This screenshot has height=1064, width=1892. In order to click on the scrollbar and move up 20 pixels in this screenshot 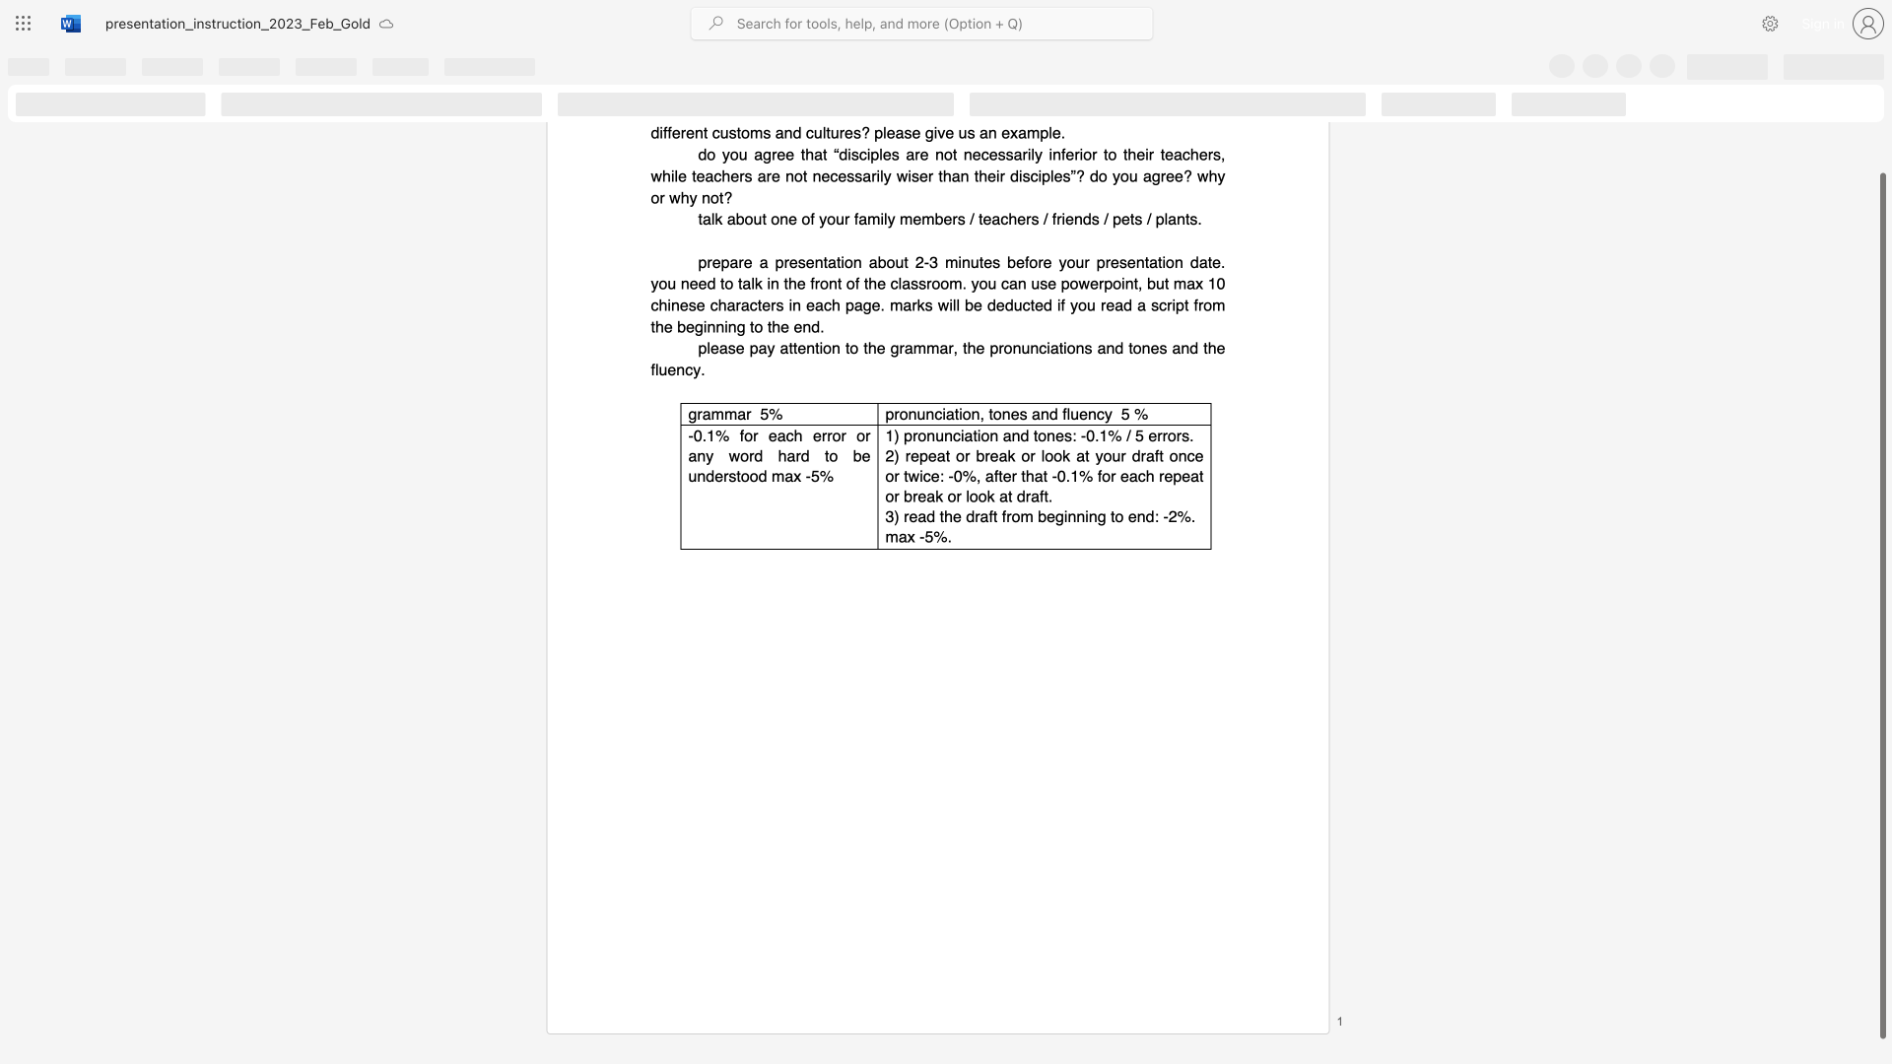, I will do `click(1881, 605)`.